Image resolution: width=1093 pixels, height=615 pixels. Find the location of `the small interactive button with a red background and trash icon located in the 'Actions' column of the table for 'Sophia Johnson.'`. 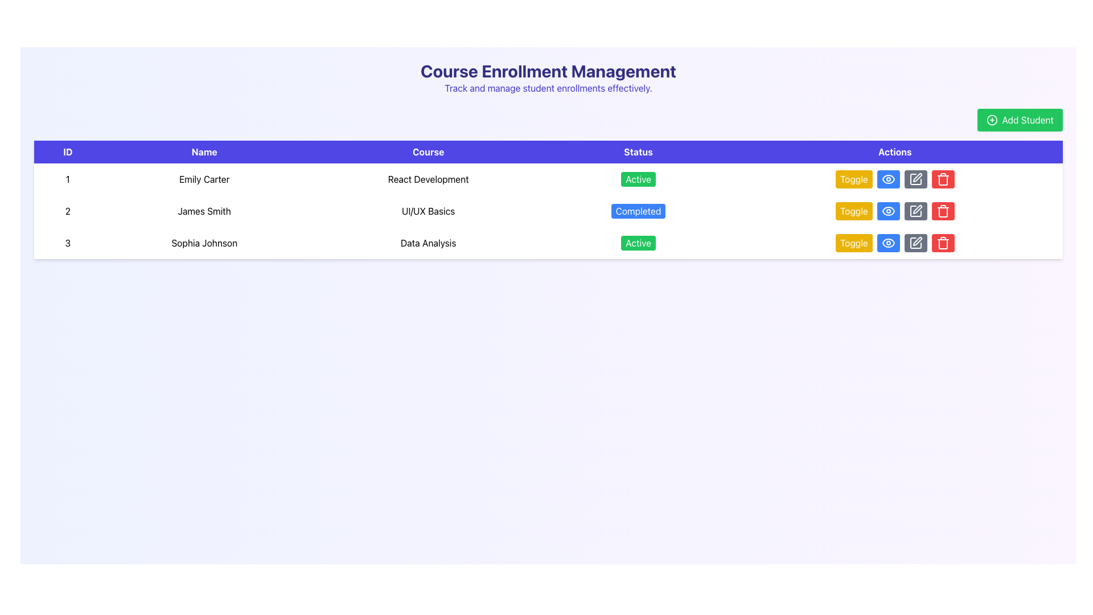

the small interactive button with a red background and trash icon located in the 'Actions' column of the table for 'Sophia Johnson.' is located at coordinates (943, 179).